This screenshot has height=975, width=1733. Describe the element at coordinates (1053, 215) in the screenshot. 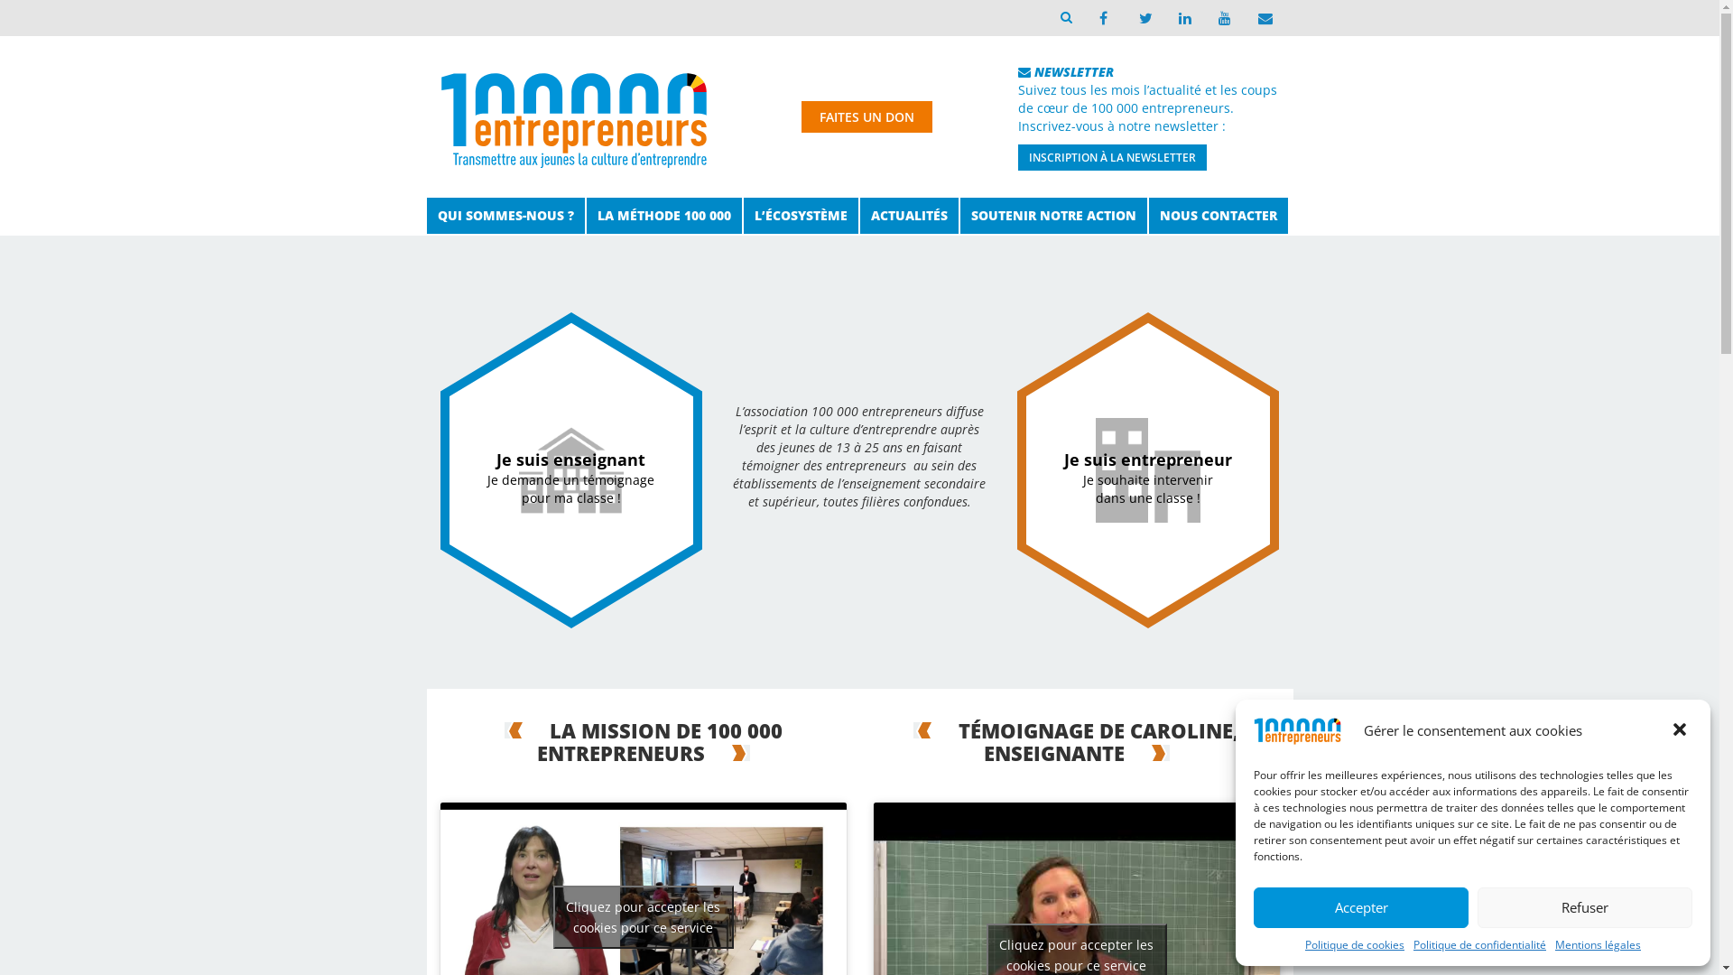

I see `'SOUTENIR NOTRE ACTION'` at that location.